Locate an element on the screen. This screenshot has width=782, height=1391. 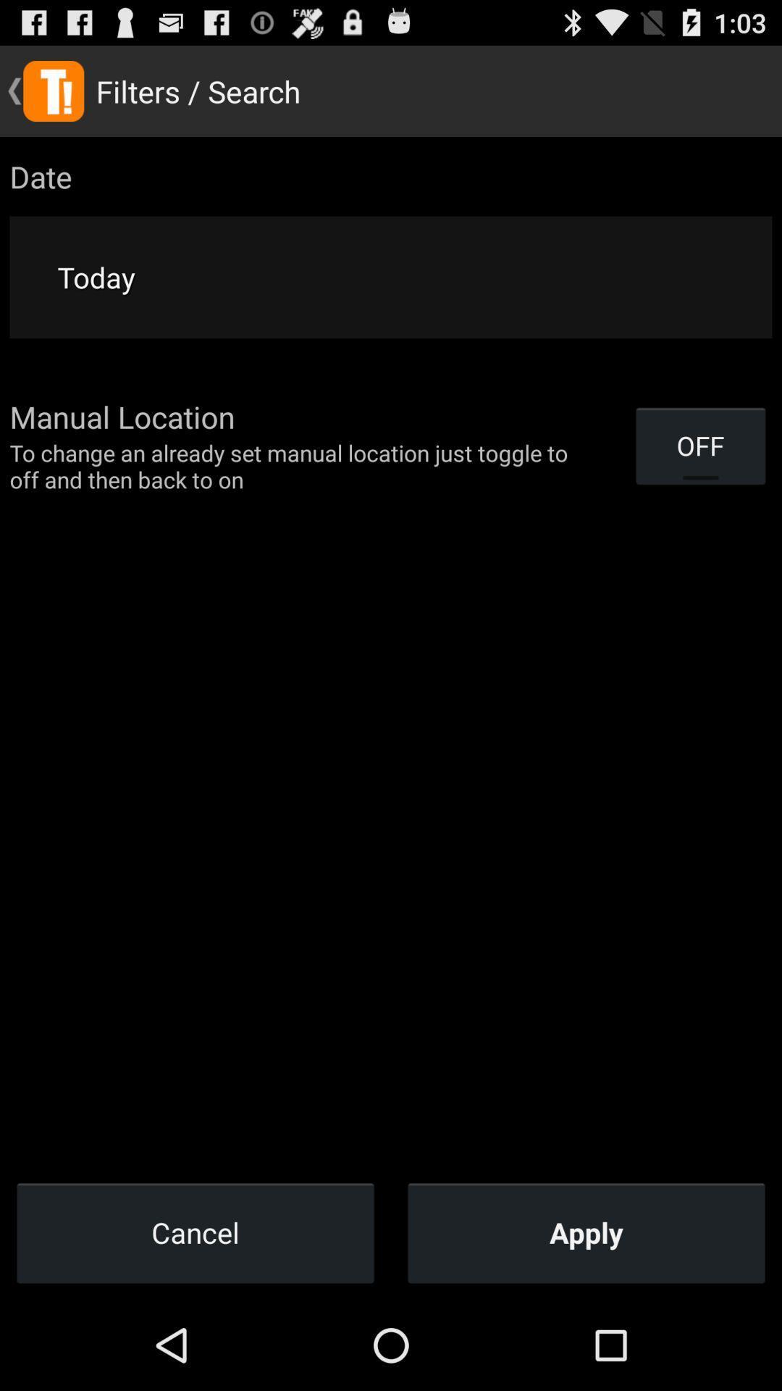
the button at the bottom left corner is located at coordinates (195, 1232).